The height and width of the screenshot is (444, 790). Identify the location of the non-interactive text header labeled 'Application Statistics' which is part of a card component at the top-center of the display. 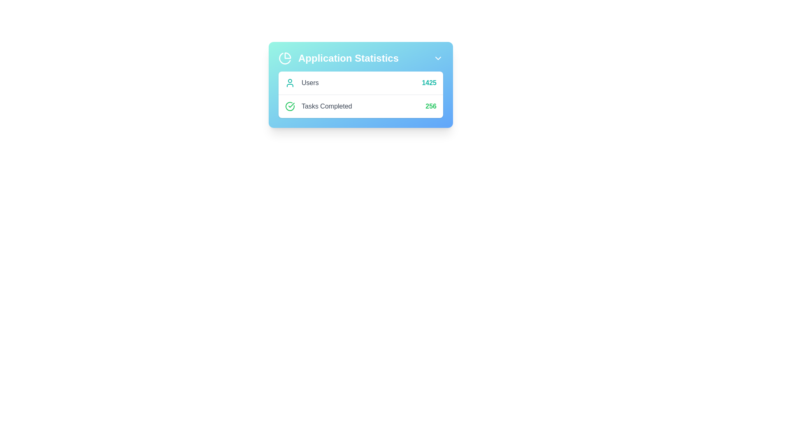
(361, 58).